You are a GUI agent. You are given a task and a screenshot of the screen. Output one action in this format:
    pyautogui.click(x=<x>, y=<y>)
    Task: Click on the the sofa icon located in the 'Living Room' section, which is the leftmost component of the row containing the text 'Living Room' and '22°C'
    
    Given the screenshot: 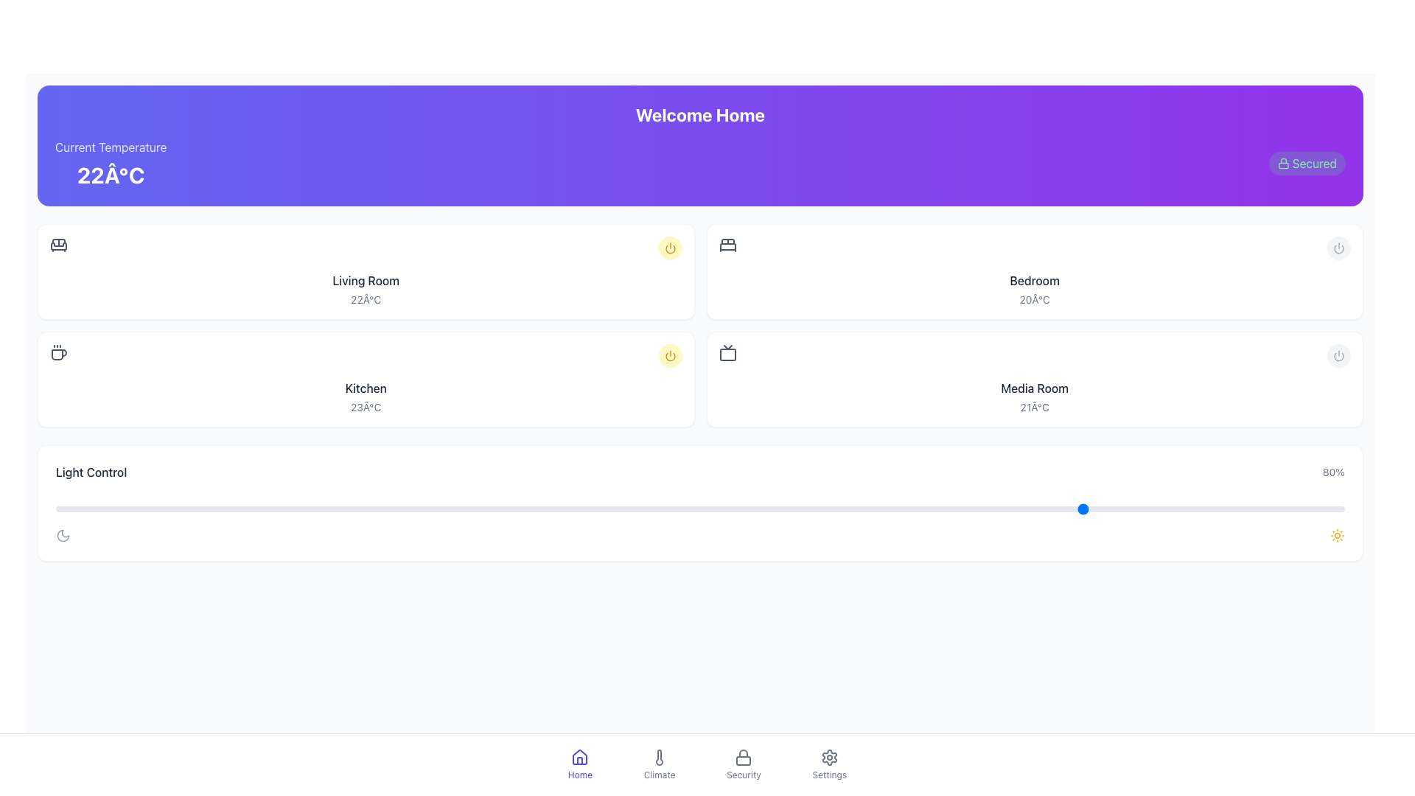 What is the action you would take?
    pyautogui.click(x=59, y=245)
    